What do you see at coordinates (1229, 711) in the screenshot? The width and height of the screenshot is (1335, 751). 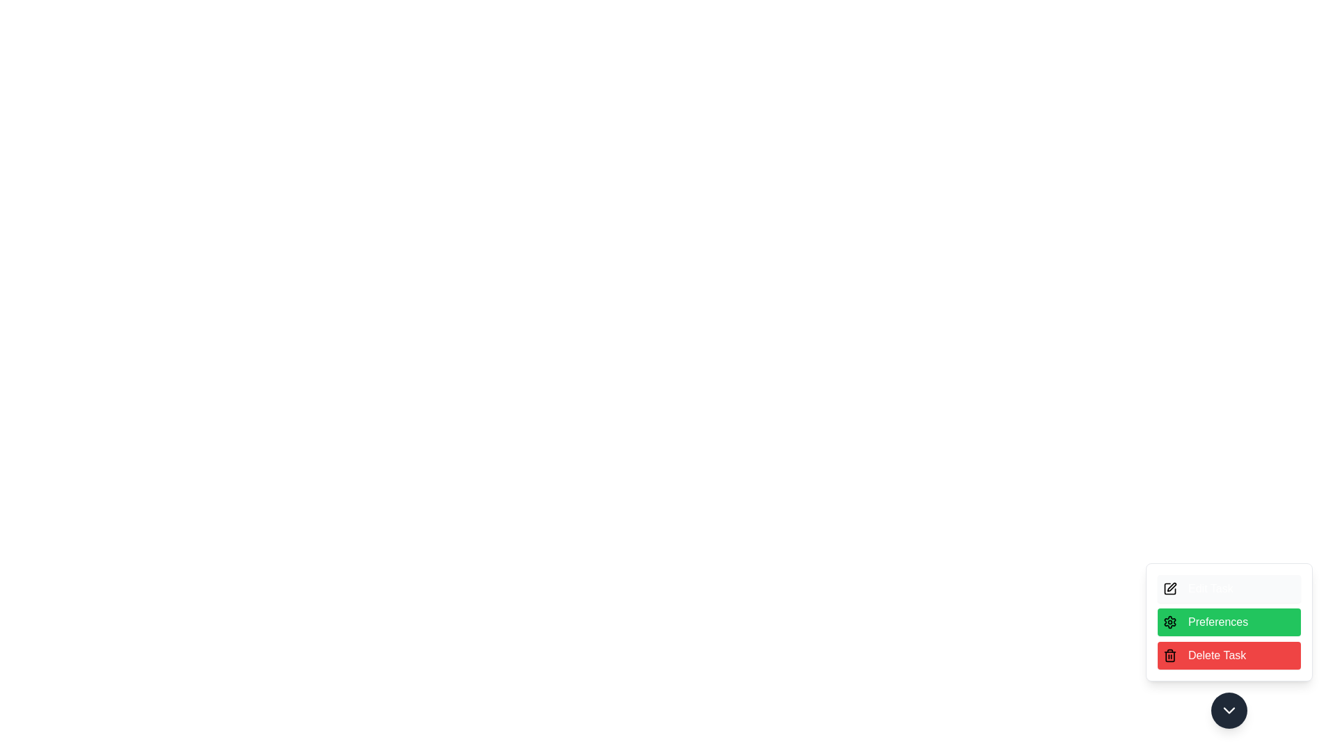 I see `the main button to toggle the menu open or closed` at bounding box center [1229, 711].